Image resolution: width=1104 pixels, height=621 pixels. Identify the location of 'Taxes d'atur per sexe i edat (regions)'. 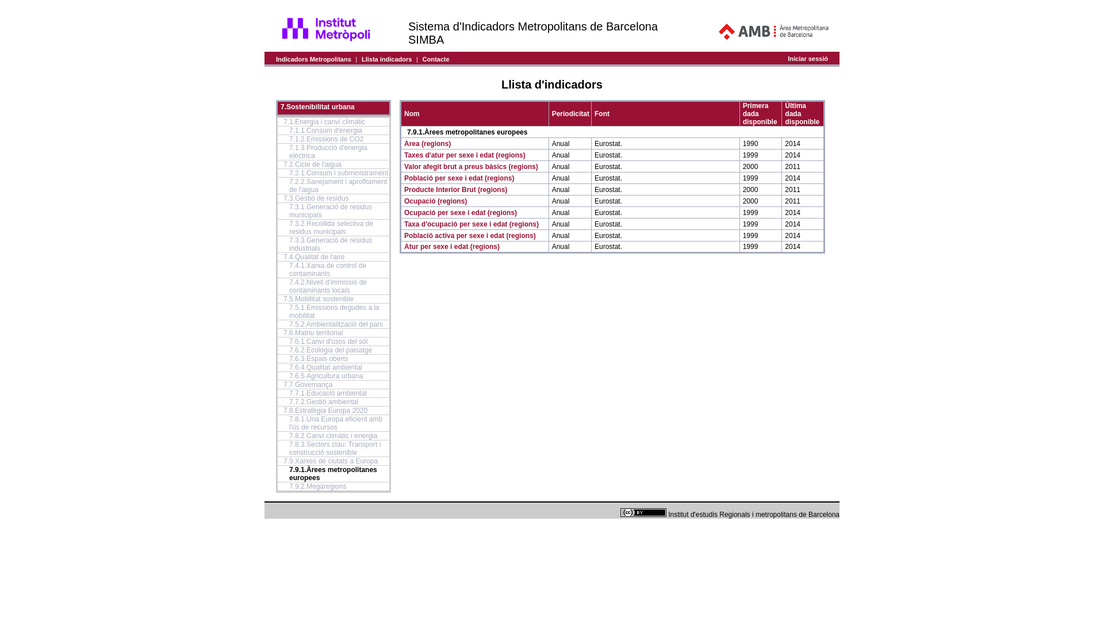
(465, 154).